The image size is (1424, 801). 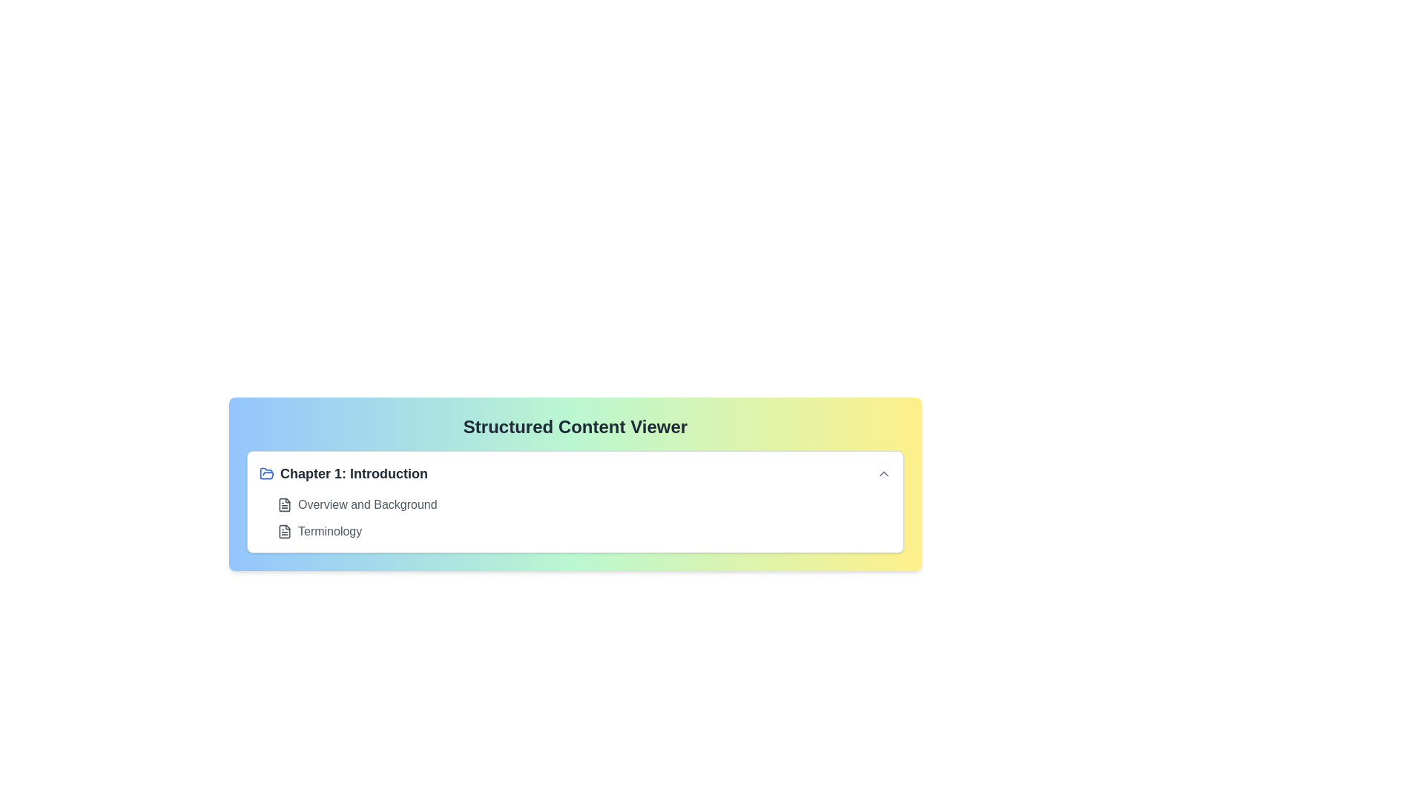 What do you see at coordinates (343, 474) in the screenshot?
I see `on the Section Header with Icon that organizes collapsible list items in the Structured Content Viewer` at bounding box center [343, 474].